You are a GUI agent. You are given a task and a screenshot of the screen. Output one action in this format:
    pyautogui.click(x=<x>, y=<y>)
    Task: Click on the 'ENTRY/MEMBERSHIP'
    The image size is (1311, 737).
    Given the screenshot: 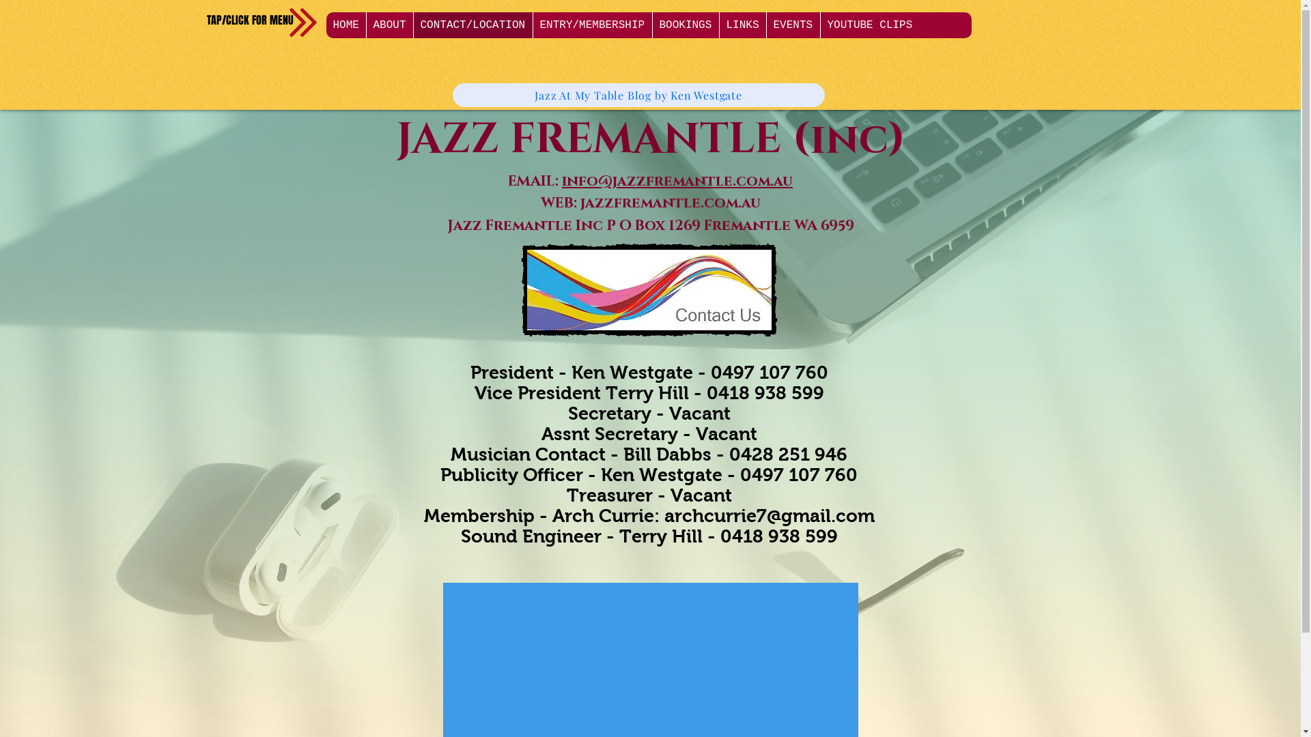 What is the action you would take?
    pyautogui.click(x=592, y=25)
    